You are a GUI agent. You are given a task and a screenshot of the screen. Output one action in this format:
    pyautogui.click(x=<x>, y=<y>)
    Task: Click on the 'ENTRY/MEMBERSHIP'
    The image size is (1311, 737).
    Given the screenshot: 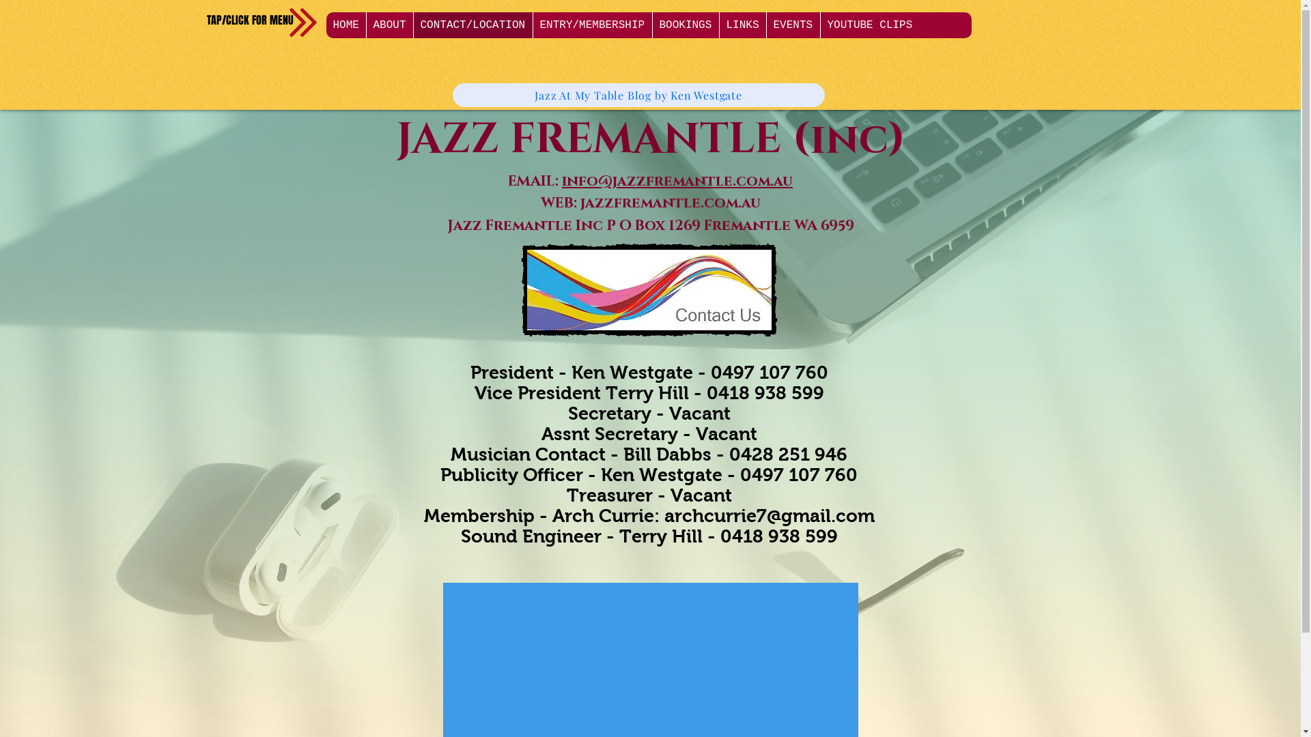 What is the action you would take?
    pyautogui.click(x=592, y=25)
    